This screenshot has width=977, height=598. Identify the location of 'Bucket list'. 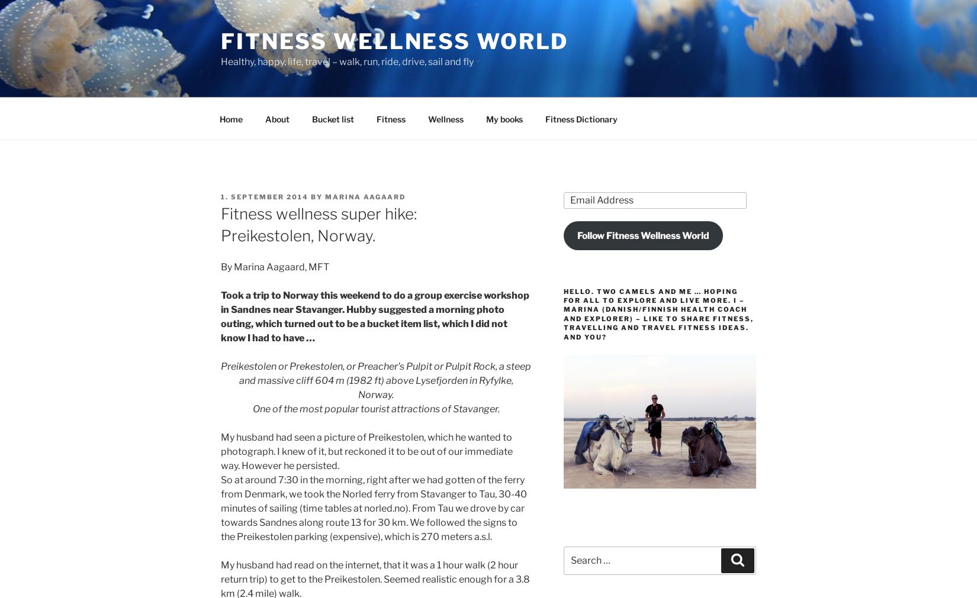
(332, 118).